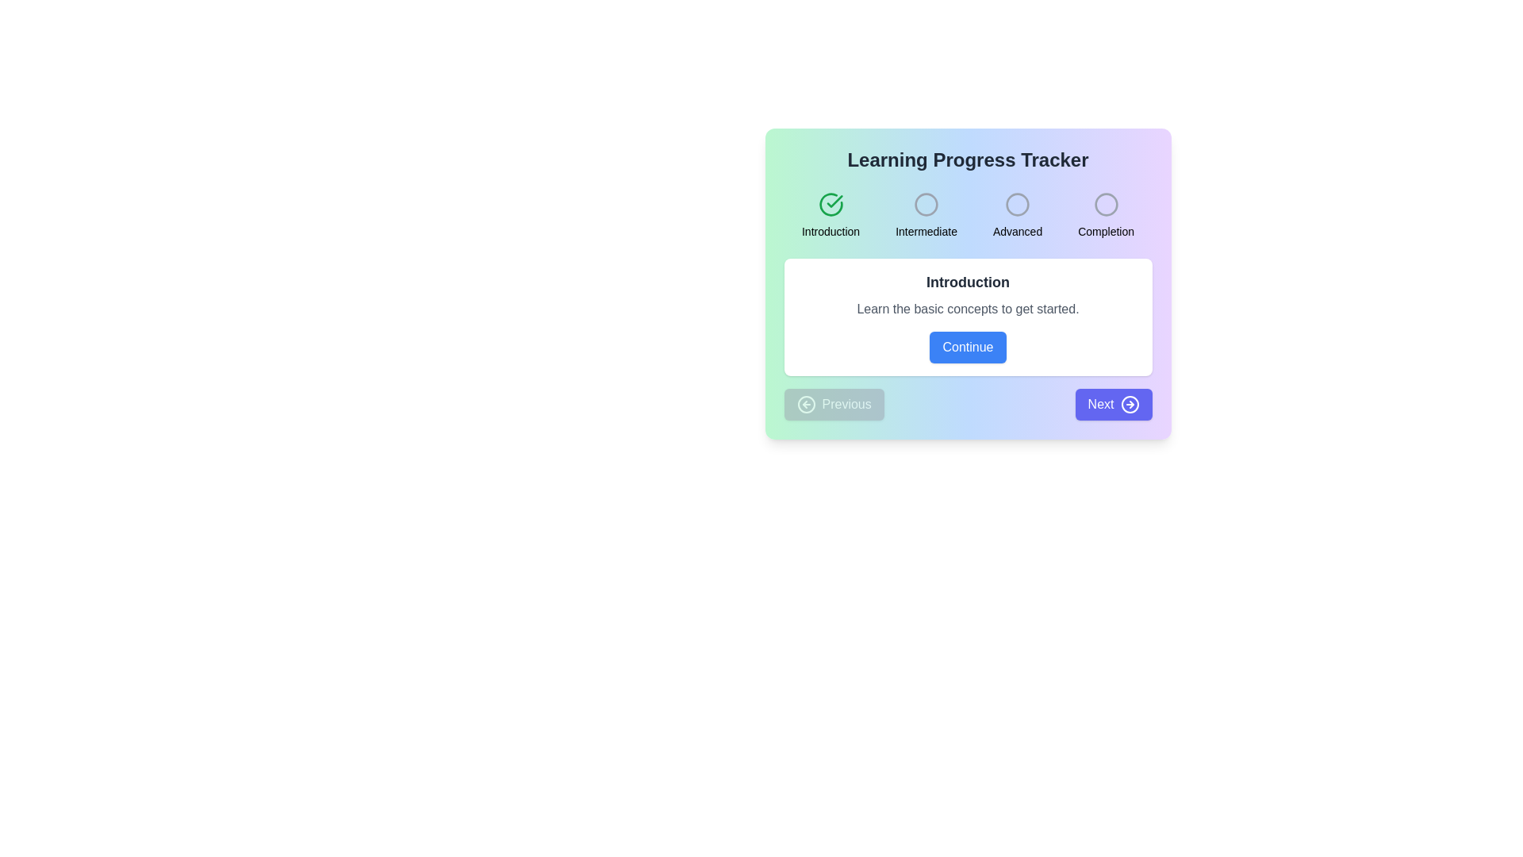 The image size is (1523, 857). What do you see at coordinates (1105, 204) in the screenshot?
I see `the state of the circle representing the 'Completion' stage in the learning progress tracker, which is part of the circular progress indicators` at bounding box center [1105, 204].